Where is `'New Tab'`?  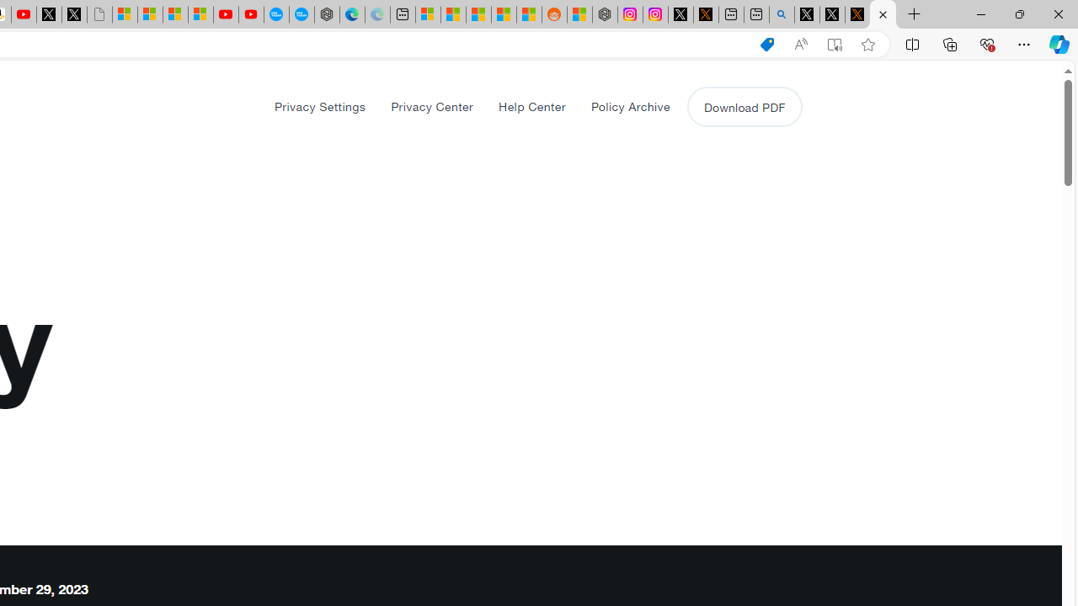
'New Tab' is located at coordinates (914, 14).